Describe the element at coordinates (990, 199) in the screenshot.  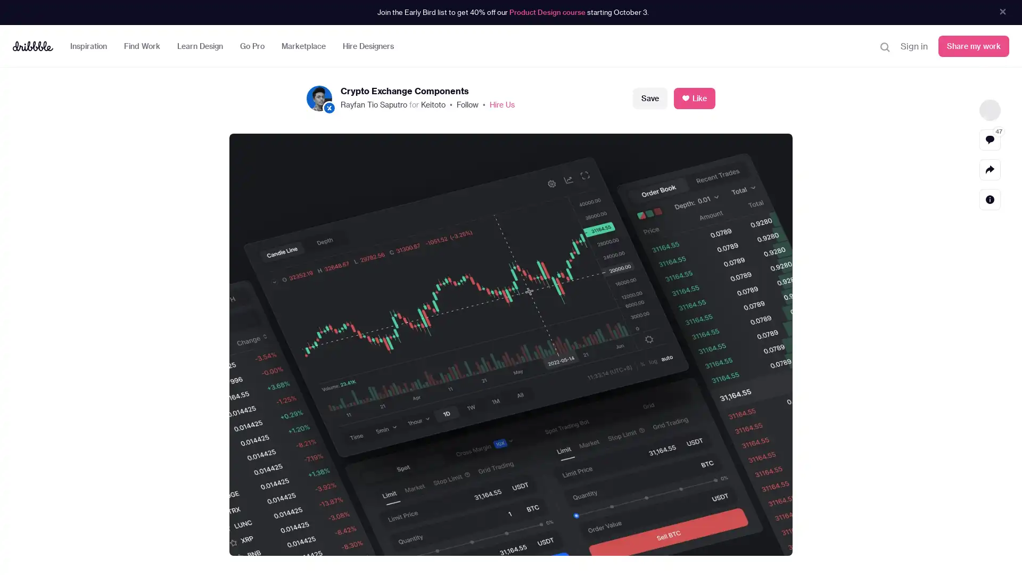
I see `Detail actions` at that location.